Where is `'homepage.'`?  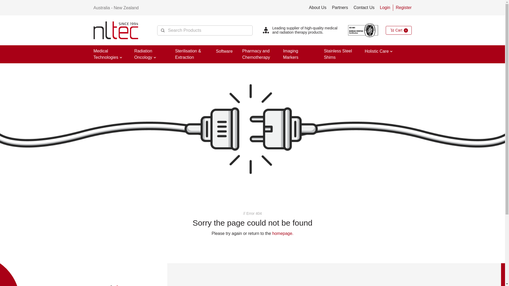 'homepage.' is located at coordinates (282, 233).